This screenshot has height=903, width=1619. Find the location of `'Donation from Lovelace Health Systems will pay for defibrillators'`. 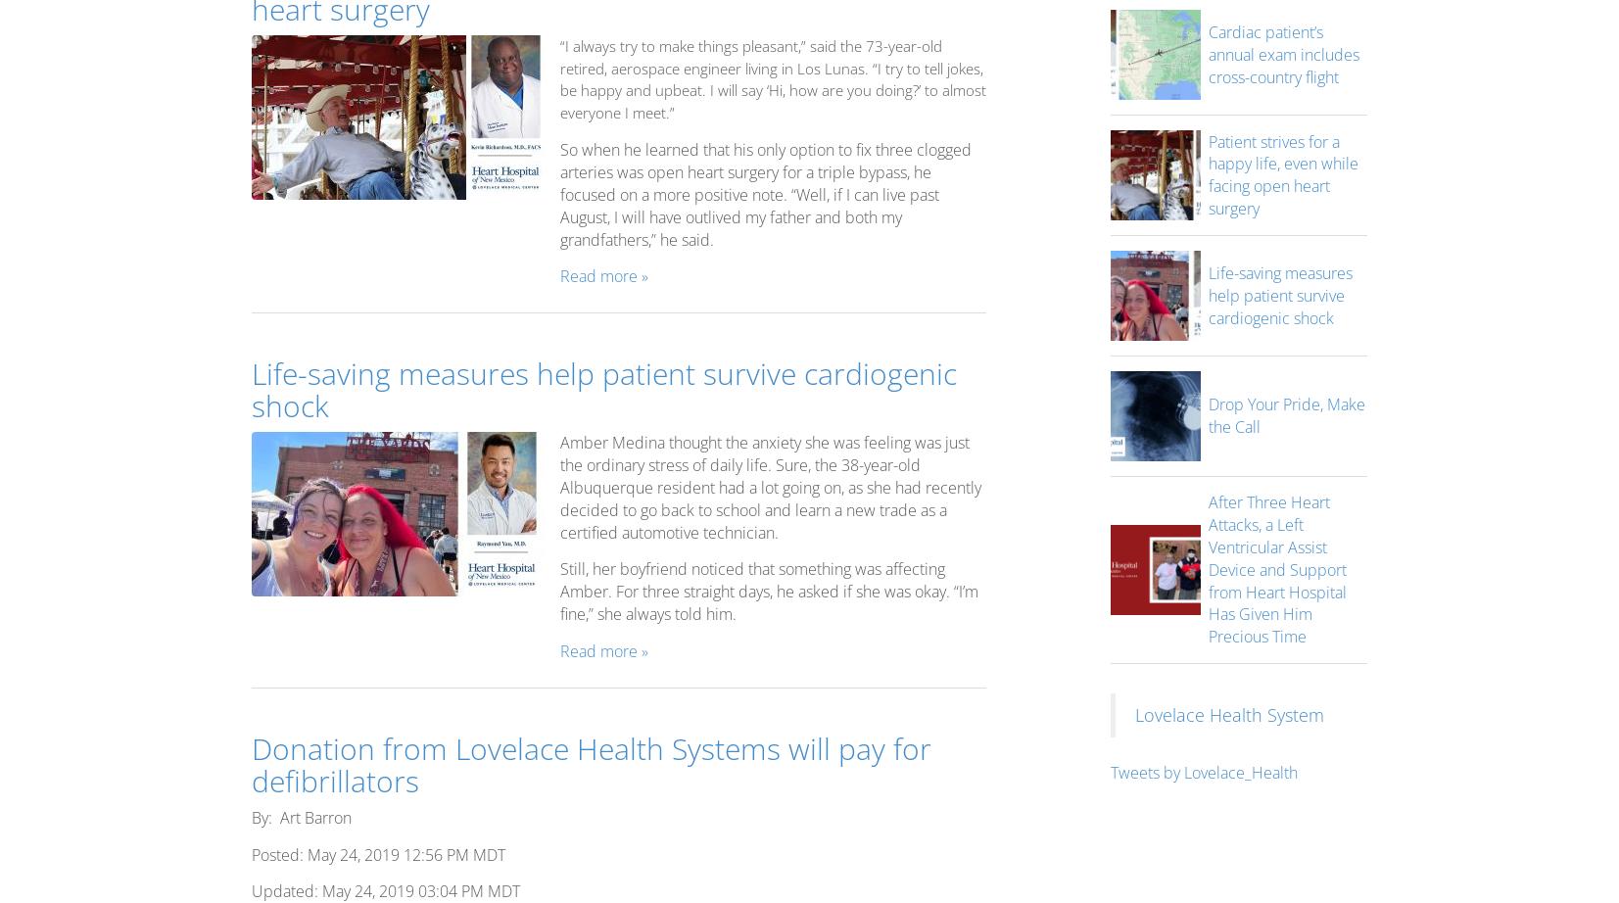

'Donation from Lovelace Health Systems will pay for defibrillators' is located at coordinates (590, 763).